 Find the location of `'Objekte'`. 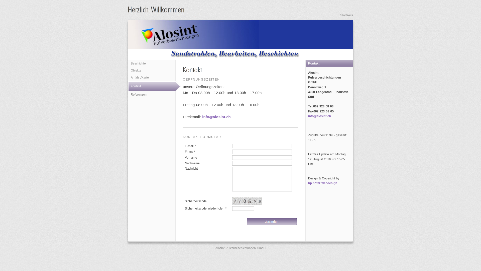

'Objekte' is located at coordinates (128, 71).